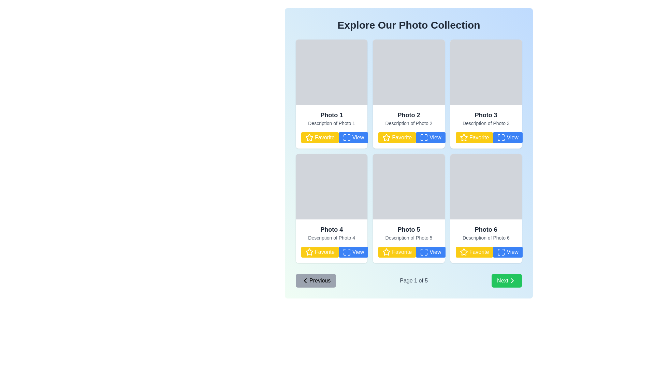  What do you see at coordinates (332, 72) in the screenshot?
I see `the visual display area or placeholder at the top of the first card in the grid layout, which has a light gray background and rounded top corners` at bounding box center [332, 72].